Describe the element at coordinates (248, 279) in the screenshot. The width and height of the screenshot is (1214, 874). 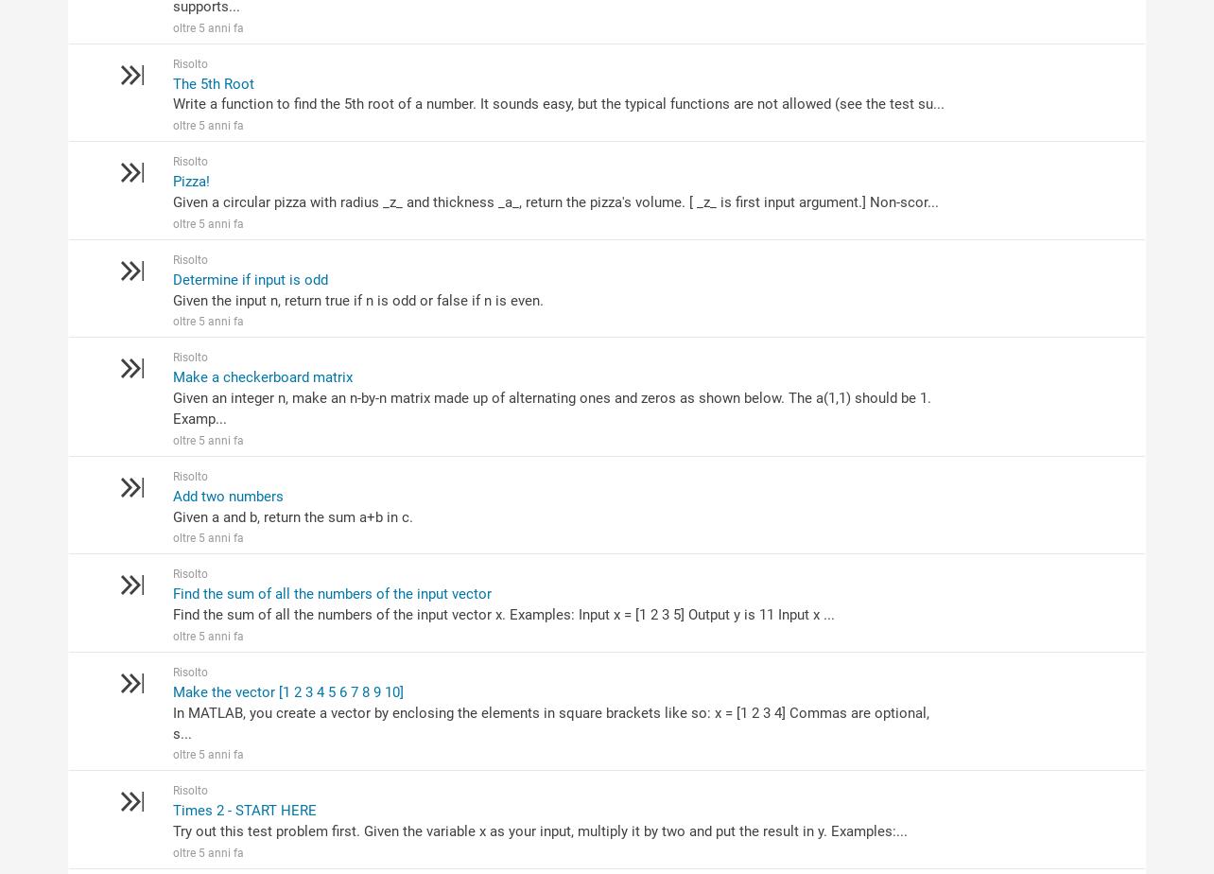
I see `'Determine if input is odd'` at that location.